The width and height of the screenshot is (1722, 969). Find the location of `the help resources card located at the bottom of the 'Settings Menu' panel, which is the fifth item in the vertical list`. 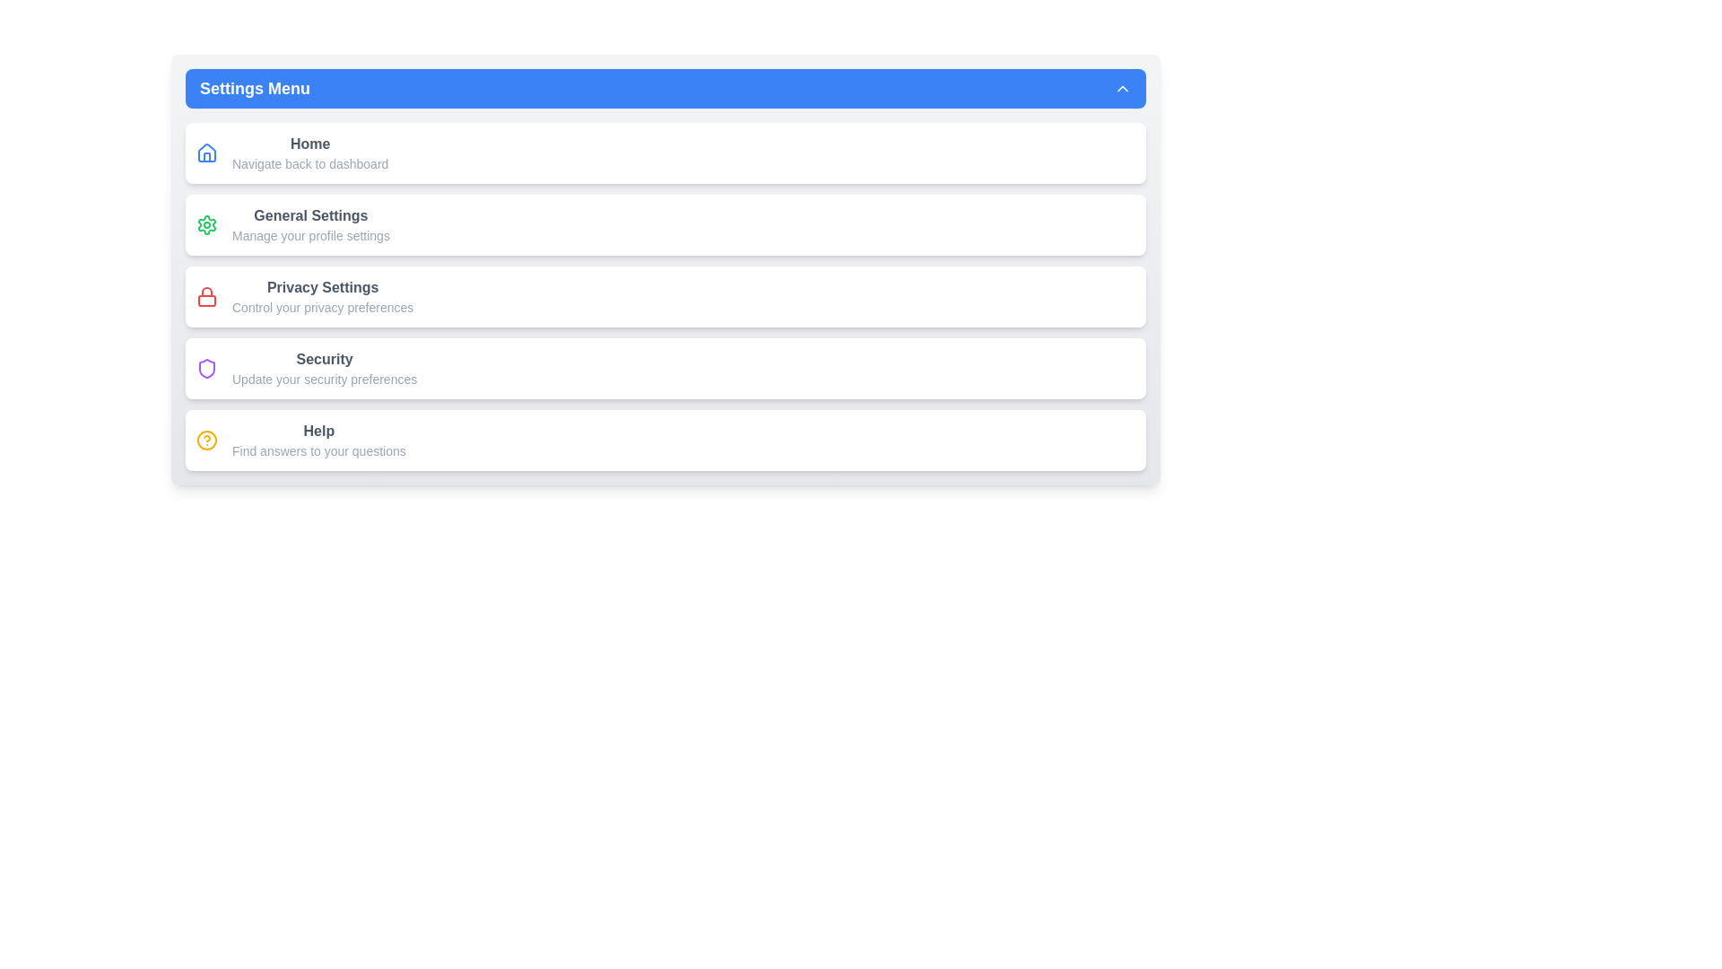

the help resources card located at the bottom of the 'Settings Menu' panel, which is the fifth item in the vertical list is located at coordinates (665, 440).